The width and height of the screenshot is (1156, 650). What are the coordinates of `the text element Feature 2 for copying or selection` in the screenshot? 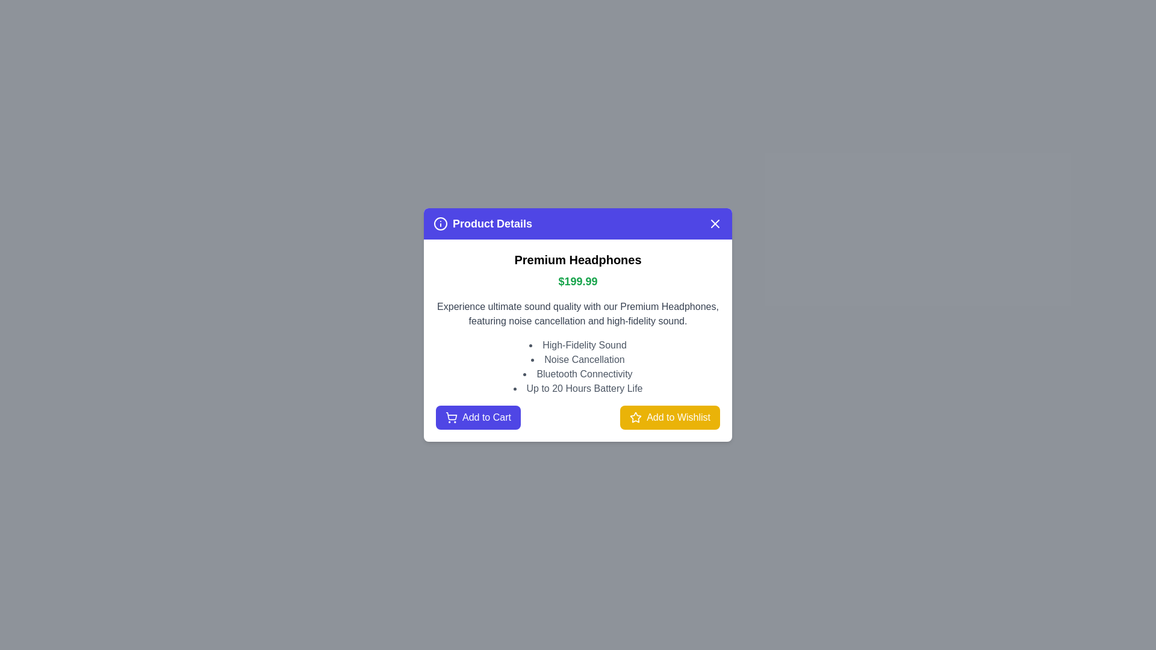 It's located at (578, 359).